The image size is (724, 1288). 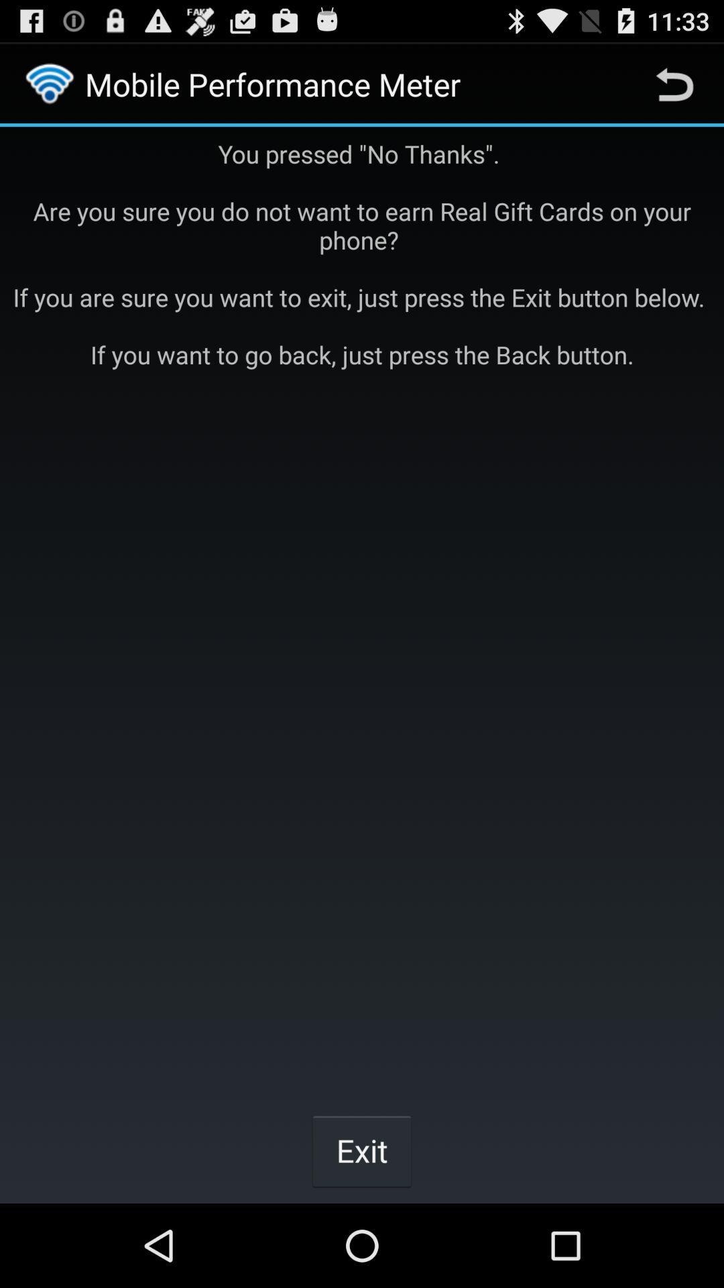 I want to click on app next to mobile performance meter app, so click(x=674, y=83).